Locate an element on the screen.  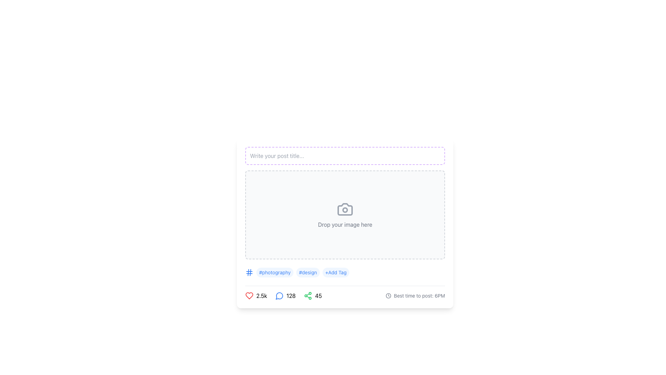
the interactive control group's counters is located at coordinates (283, 296).